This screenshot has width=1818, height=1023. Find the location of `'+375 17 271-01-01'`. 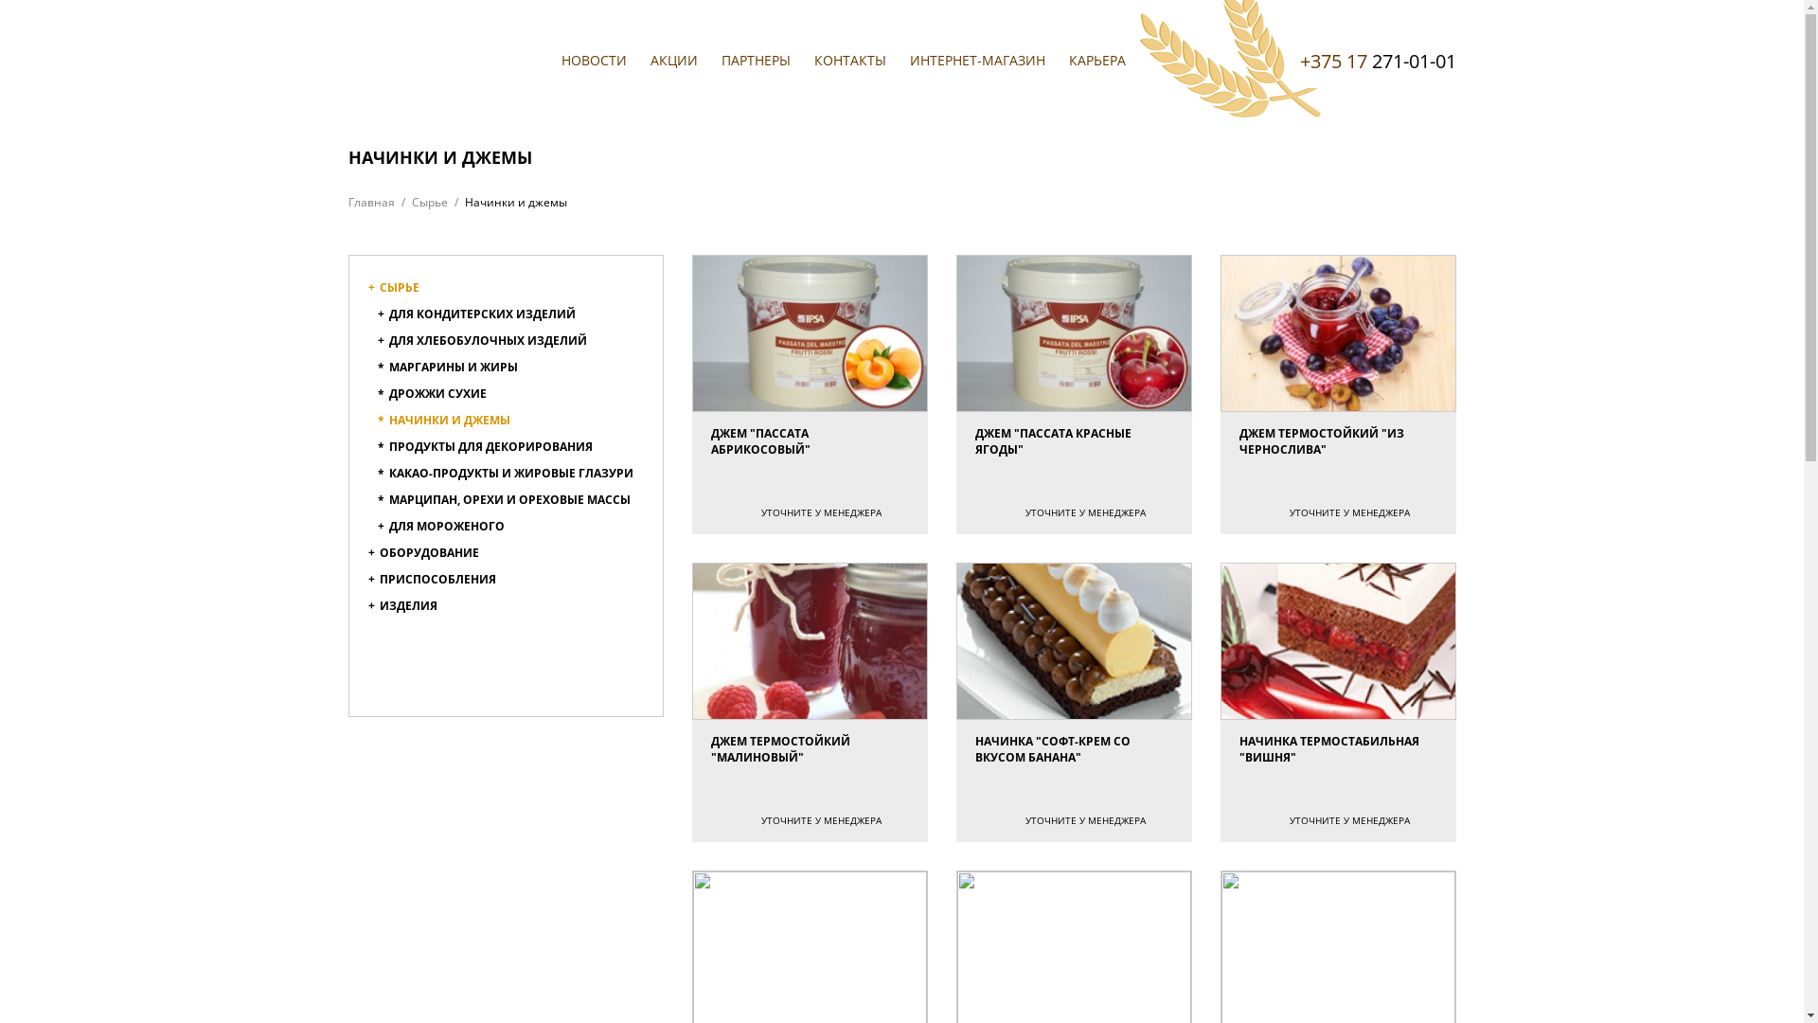

'+375 17 271-01-01' is located at coordinates (1377, 60).